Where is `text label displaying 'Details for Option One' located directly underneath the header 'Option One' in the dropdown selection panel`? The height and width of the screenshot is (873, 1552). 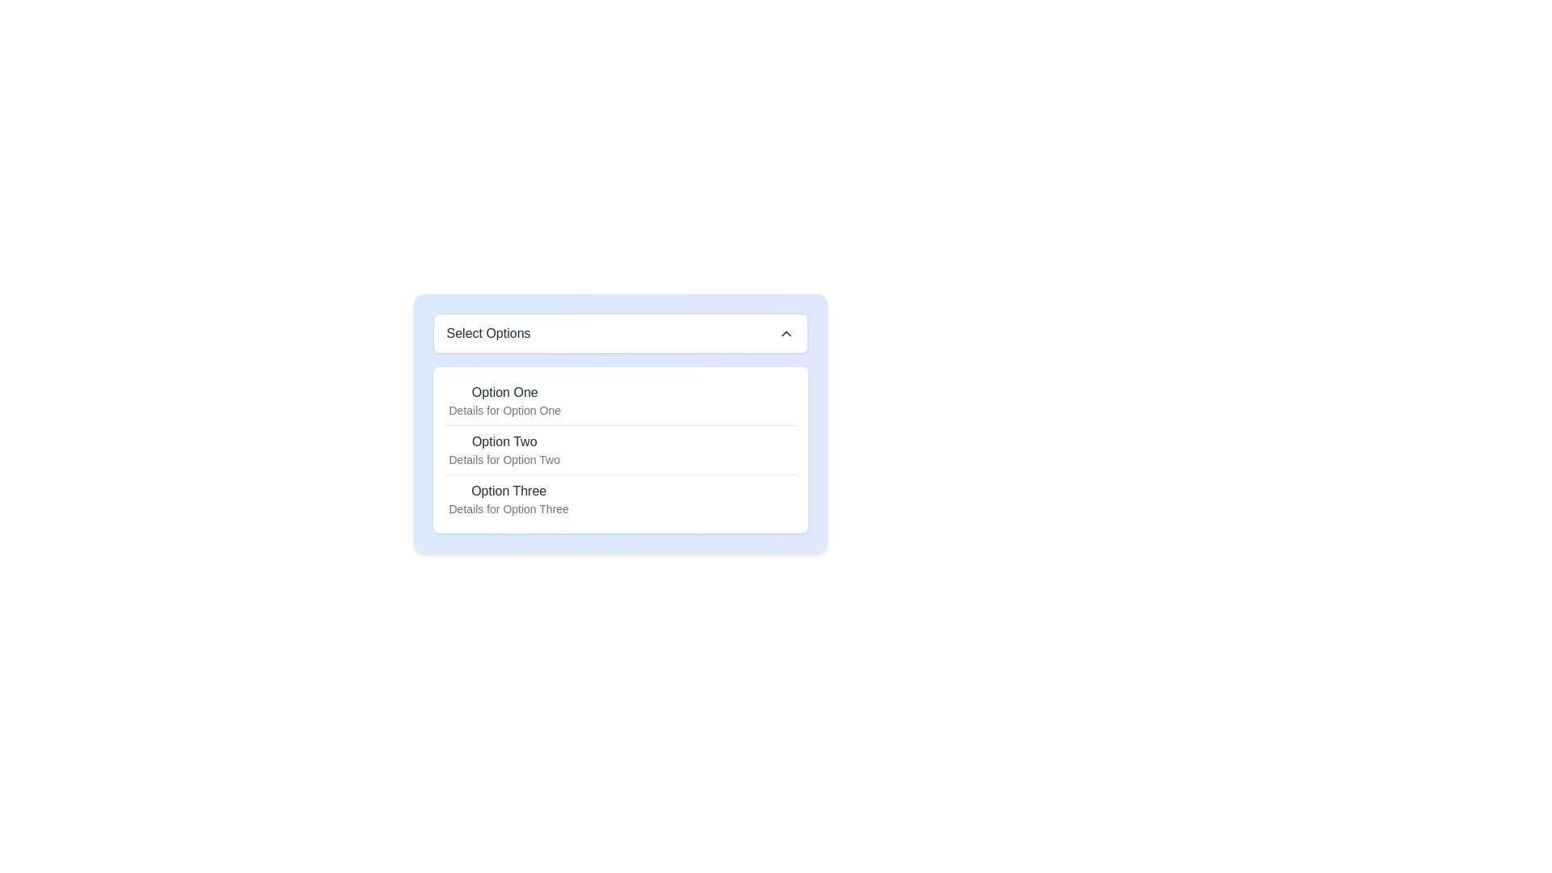 text label displaying 'Details for Option One' located directly underneath the header 'Option One' in the dropdown selection panel is located at coordinates (504, 410).